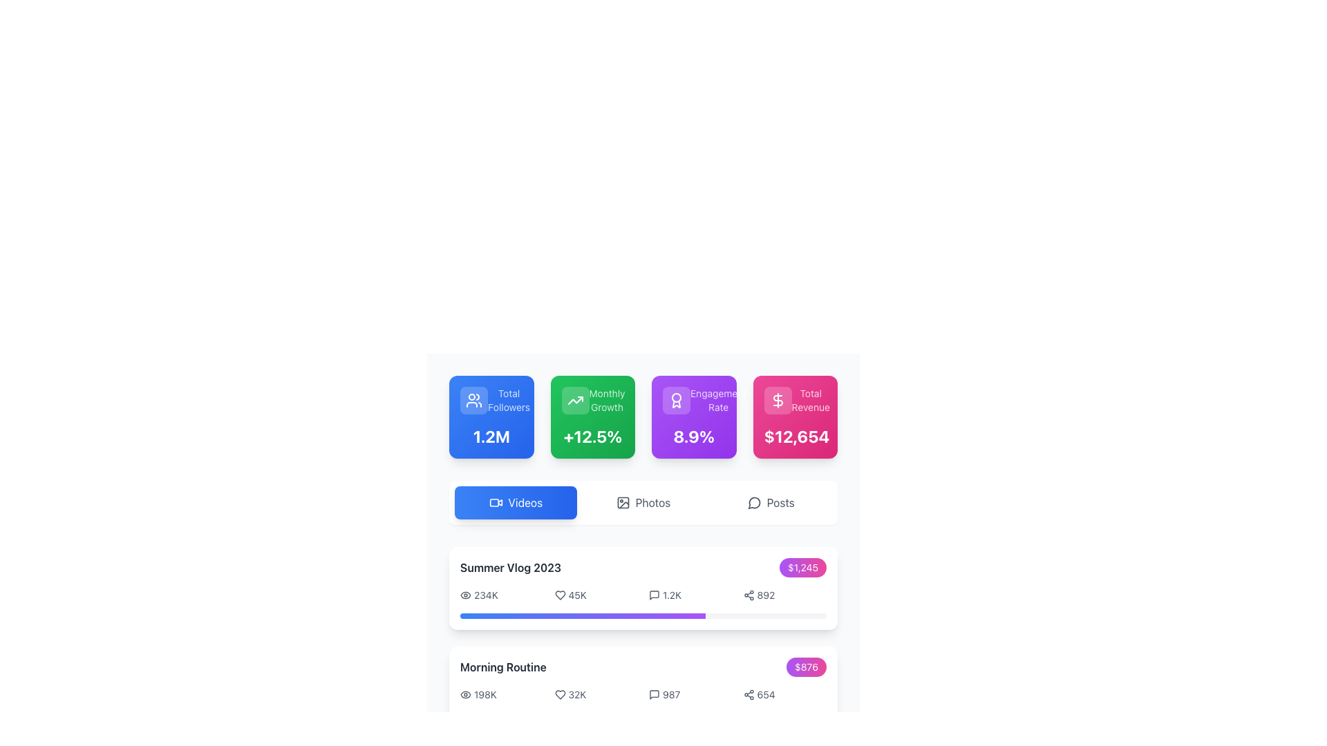 This screenshot has width=1327, height=746. Describe the element at coordinates (718, 400) in the screenshot. I see `text label that serves as a title for the associated metric displayed in the third metric card from the left in the top row of four cards` at that location.